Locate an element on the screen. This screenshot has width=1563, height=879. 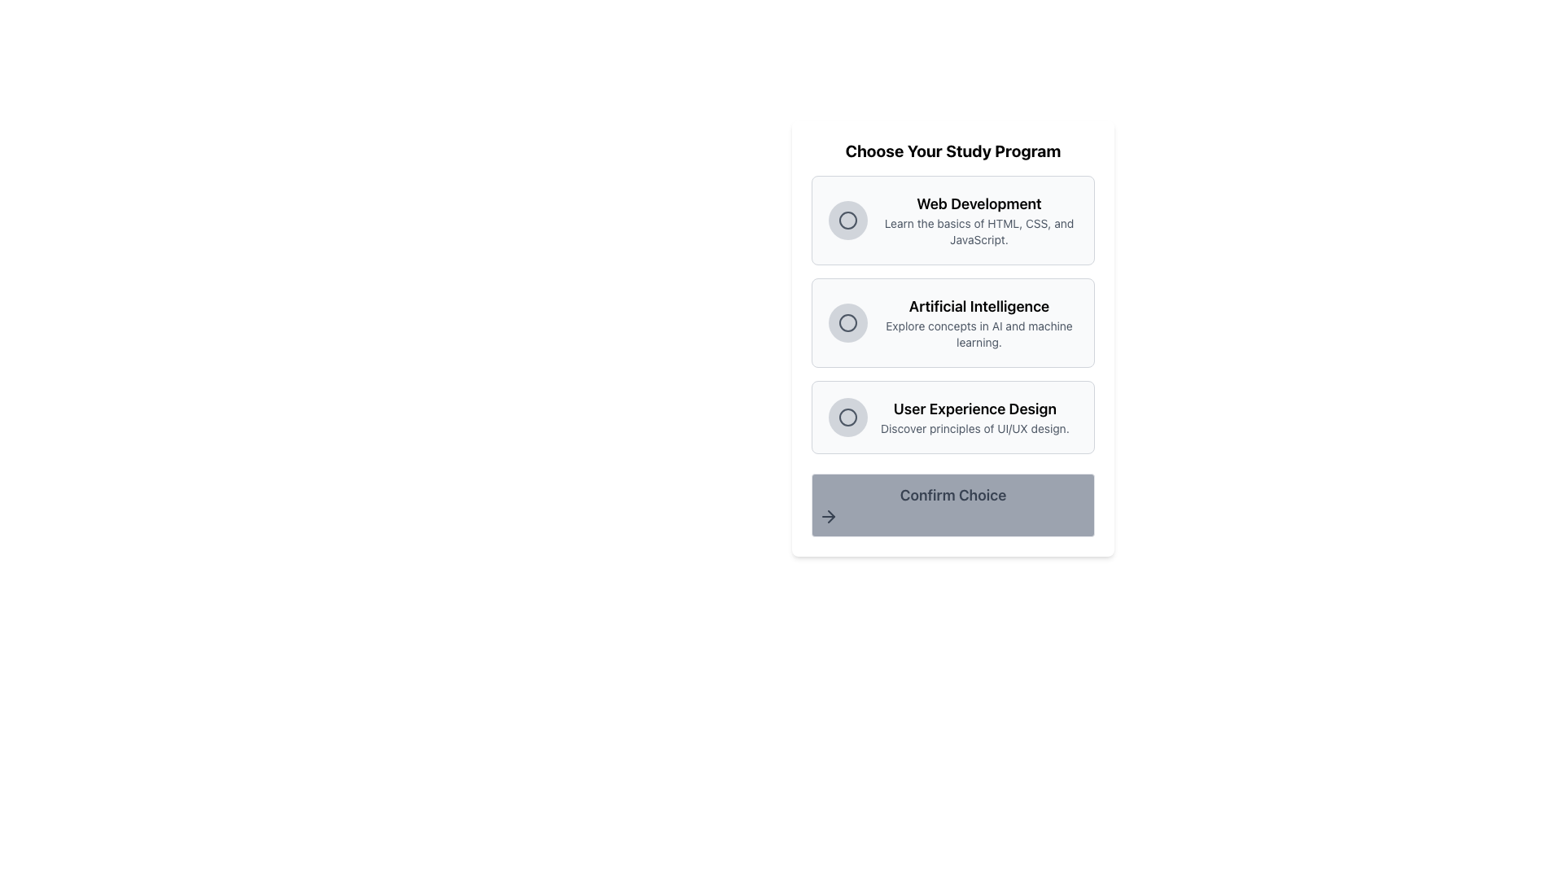
the text element that provides a short description of the 'Web Development' program, located directly below the title in the same card section is located at coordinates (979, 232).